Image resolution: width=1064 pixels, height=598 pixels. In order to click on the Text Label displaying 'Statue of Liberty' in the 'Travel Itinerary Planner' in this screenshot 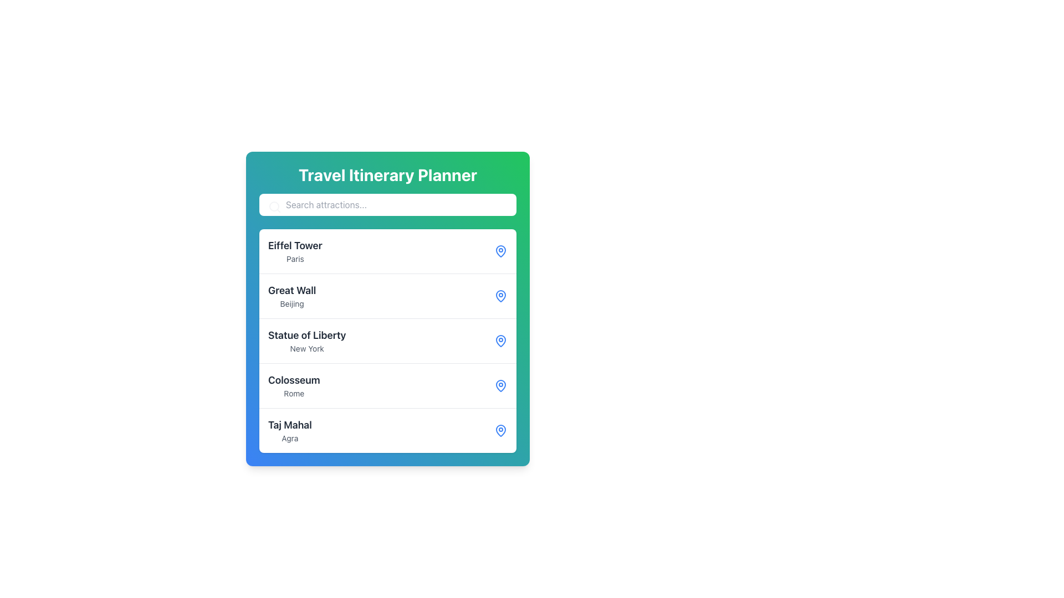, I will do `click(307, 341)`.